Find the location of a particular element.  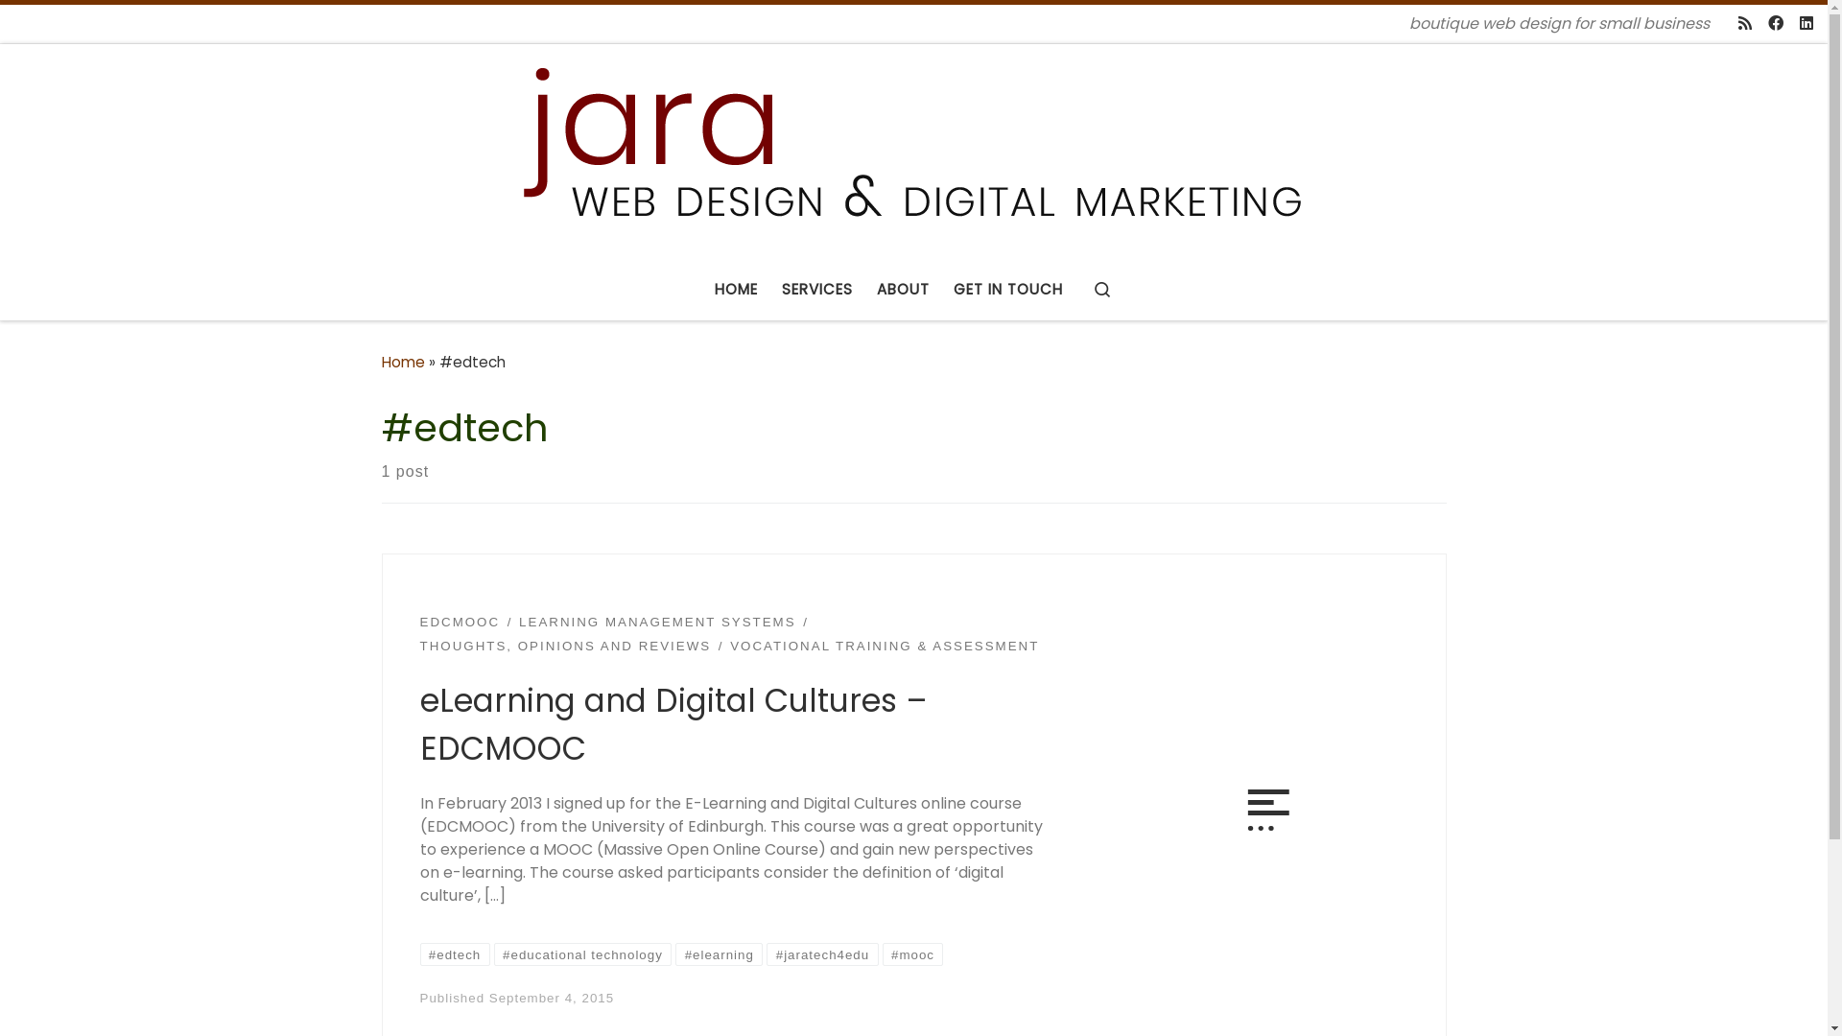

'THOUGHTS, OPINIONS AND REVIEWS' is located at coordinates (565, 647).